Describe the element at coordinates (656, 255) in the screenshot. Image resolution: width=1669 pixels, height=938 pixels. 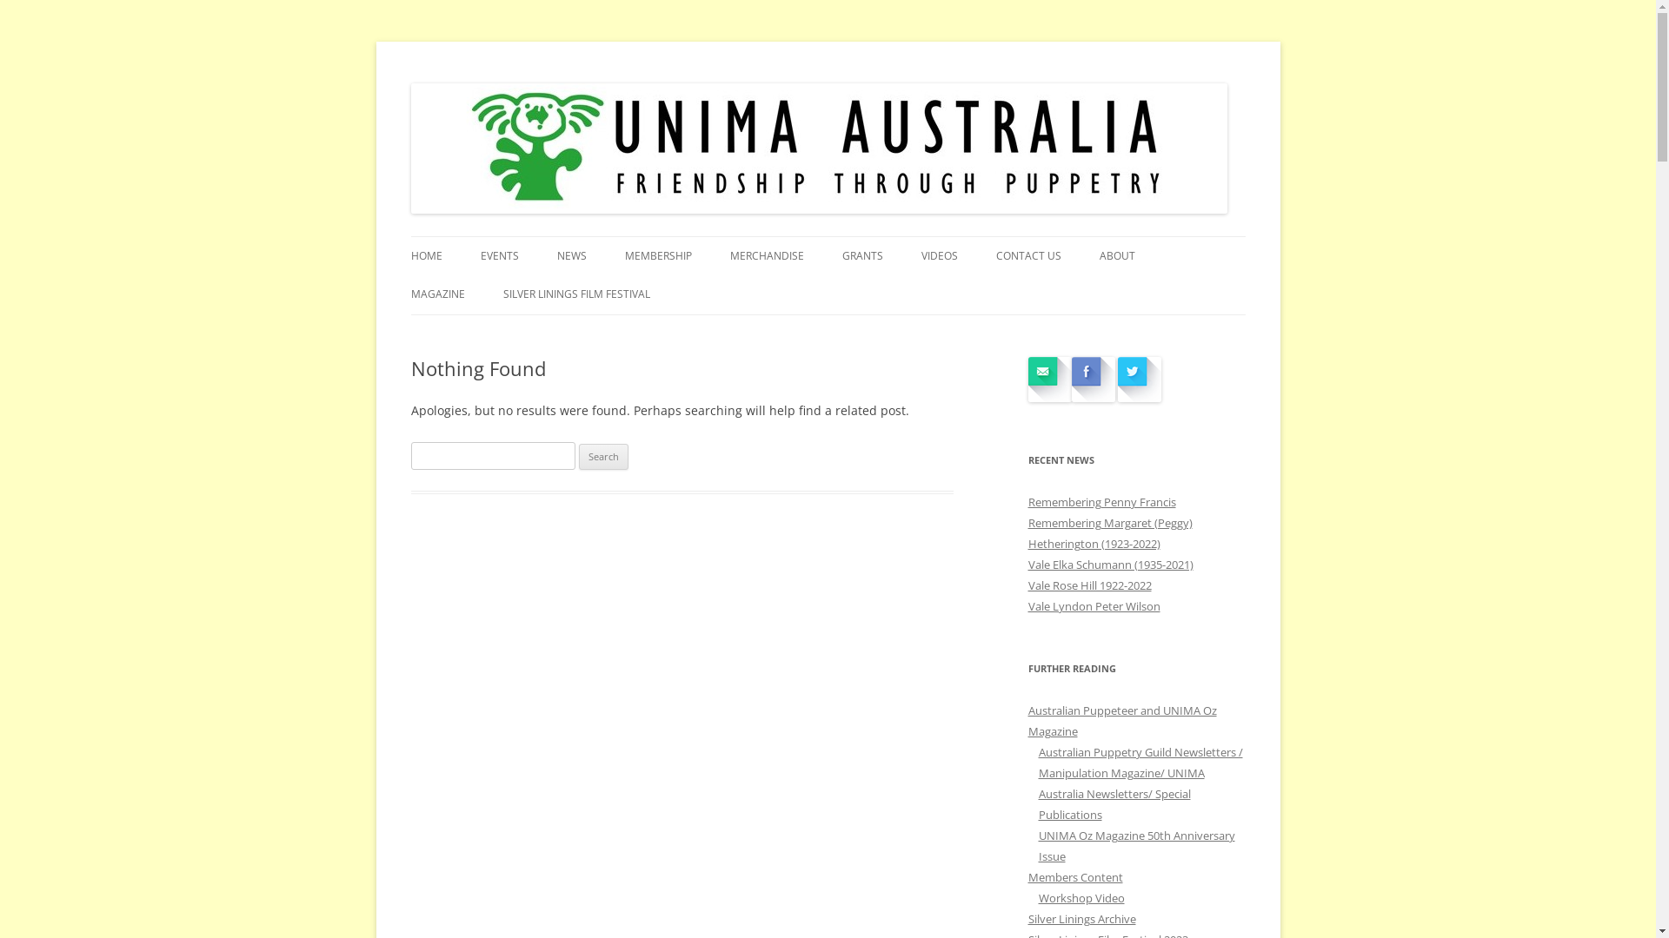
I see `'MEMBERSHIP'` at that location.